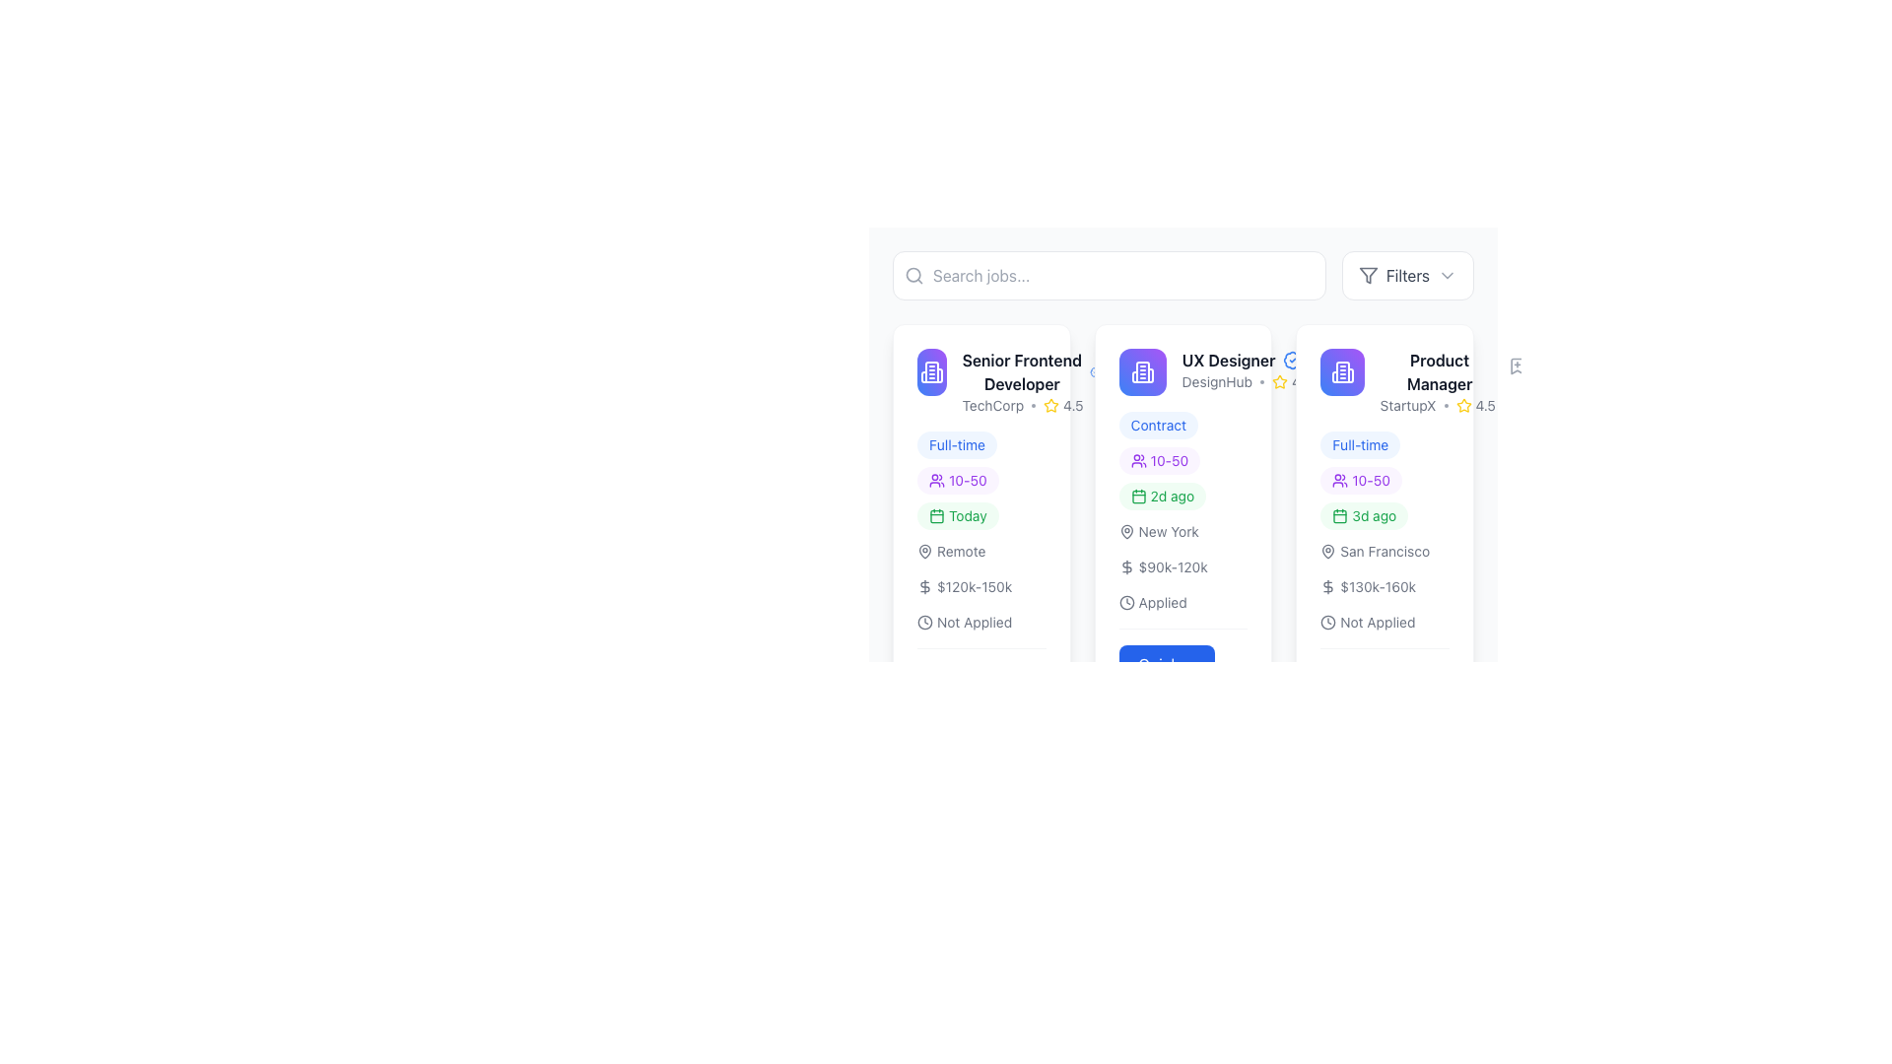 The height and width of the screenshot is (1064, 1892). What do you see at coordinates (1159, 932) in the screenshot?
I see `the badge representing the size or range of a group or entity associated with the content, located below the 'Full-time' badge and above the '2d ago' badge, for interaction` at bounding box center [1159, 932].